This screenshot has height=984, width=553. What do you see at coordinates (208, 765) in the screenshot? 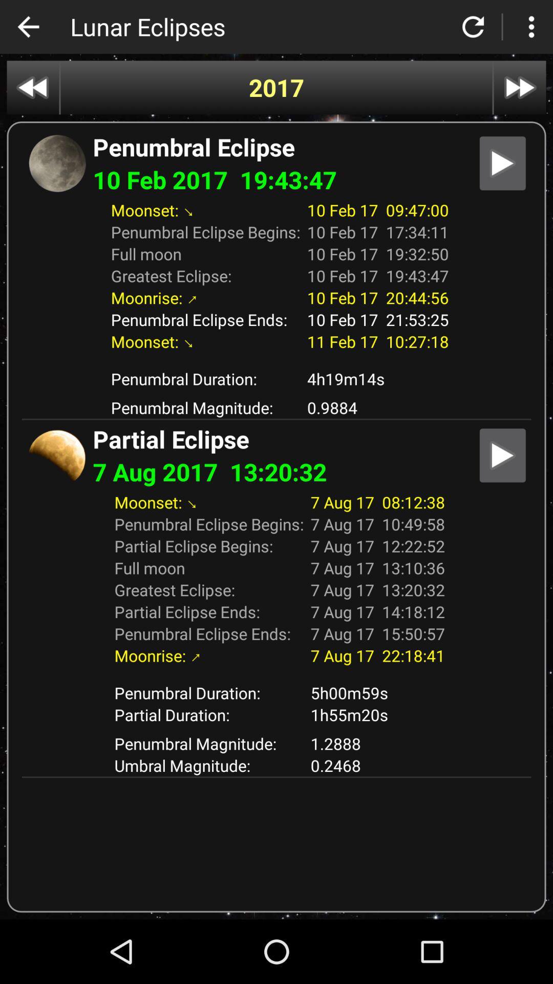
I see `the icon next to 1.2888 icon` at bounding box center [208, 765].